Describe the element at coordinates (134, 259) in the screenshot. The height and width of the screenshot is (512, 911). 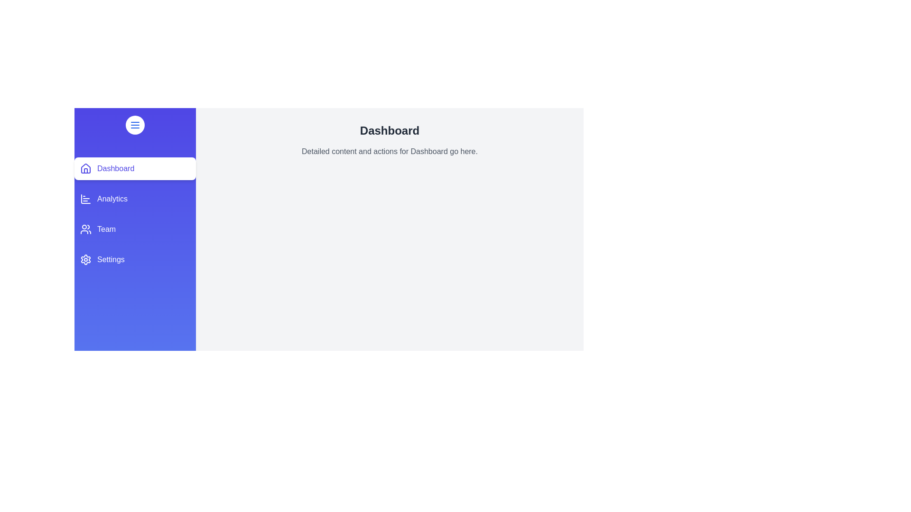
I see `the section Settings from the navigation menu` at that location.